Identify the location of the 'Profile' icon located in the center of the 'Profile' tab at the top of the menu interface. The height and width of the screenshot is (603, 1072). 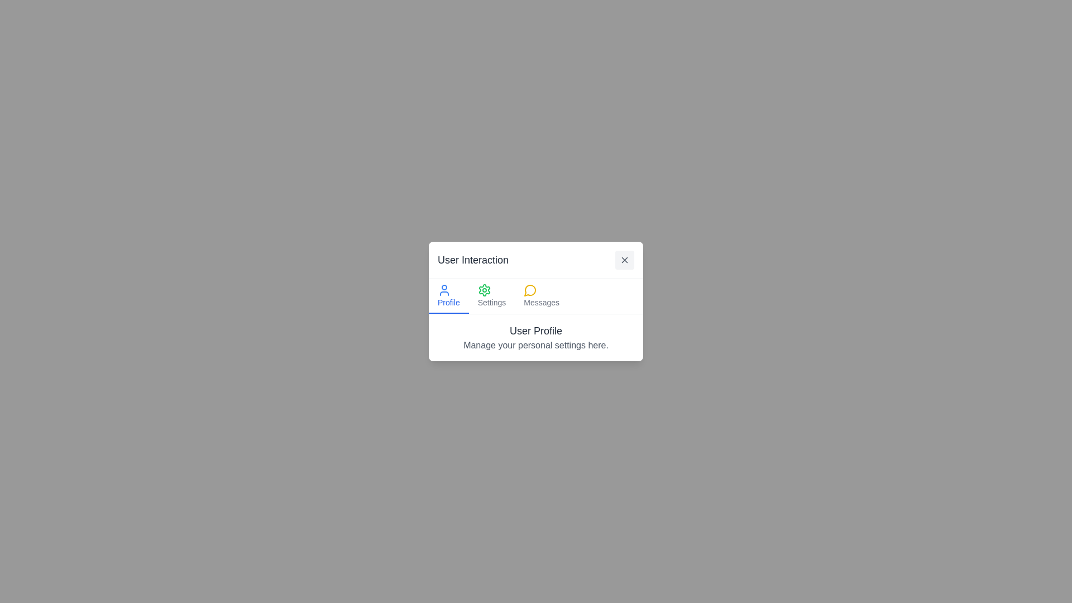
(444, 290).